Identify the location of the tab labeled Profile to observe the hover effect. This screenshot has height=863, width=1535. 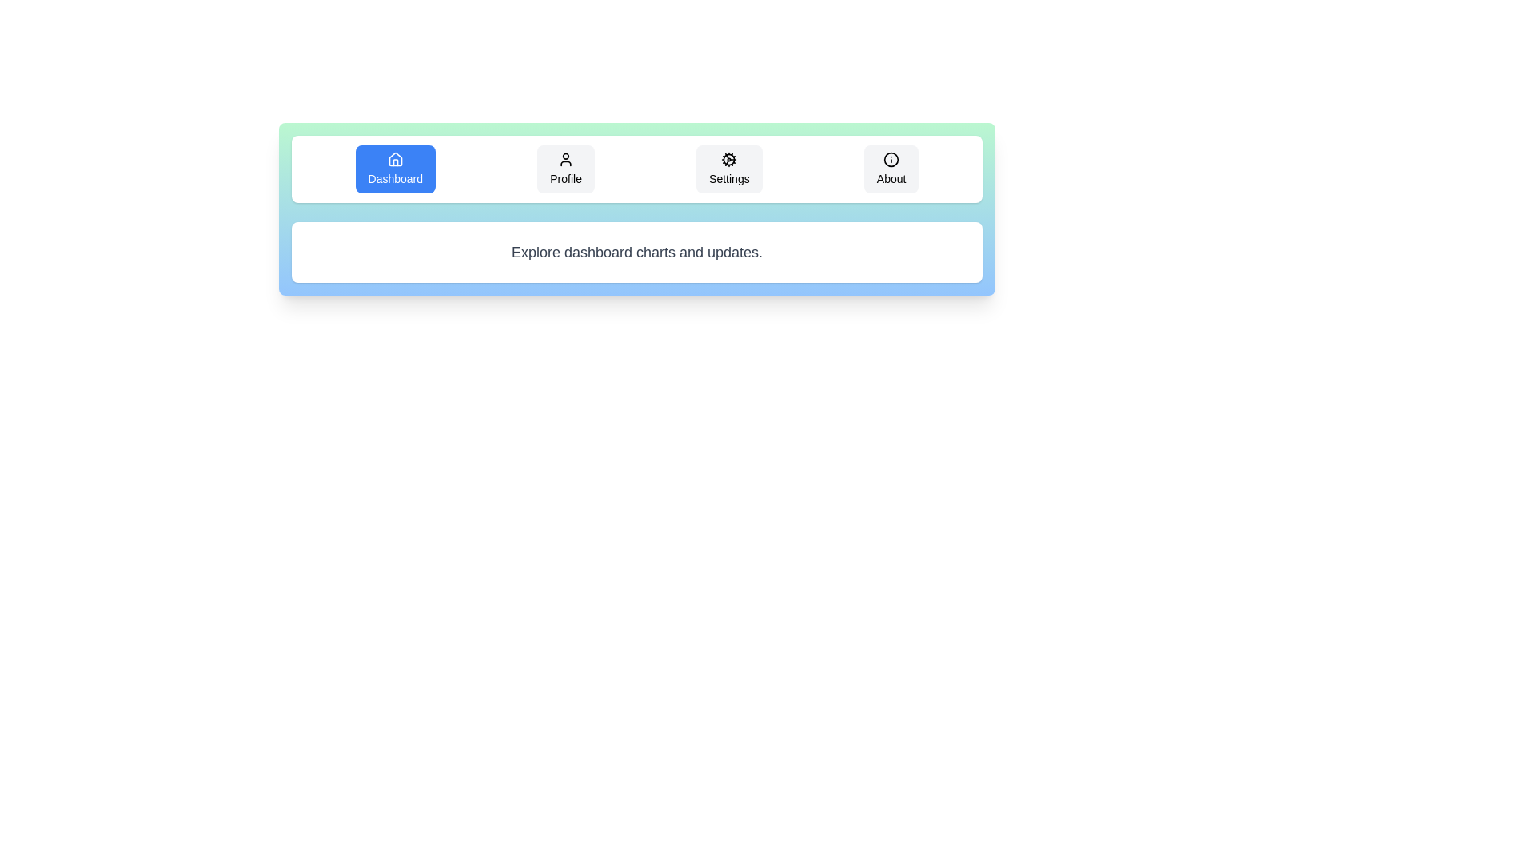
(566, 169).